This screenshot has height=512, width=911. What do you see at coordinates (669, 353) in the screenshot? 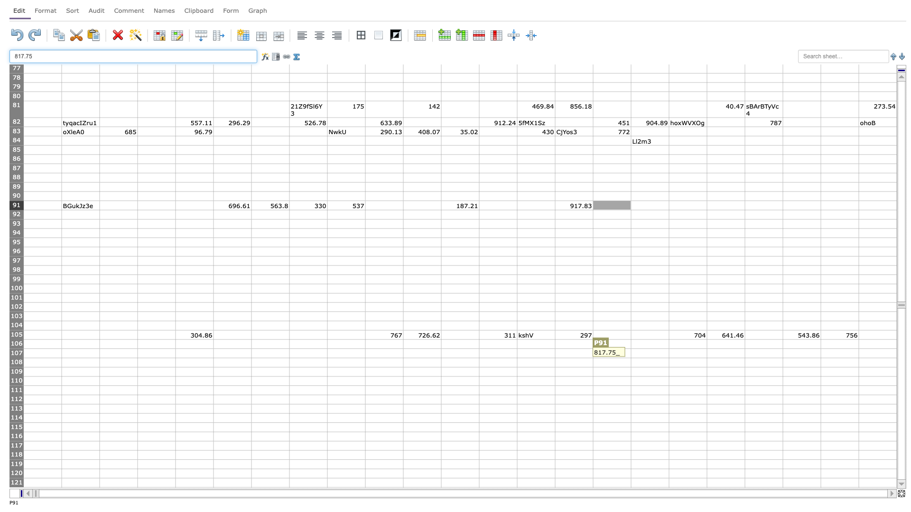
I see `Right edge of Q-107` at bounding box center [669, 353].